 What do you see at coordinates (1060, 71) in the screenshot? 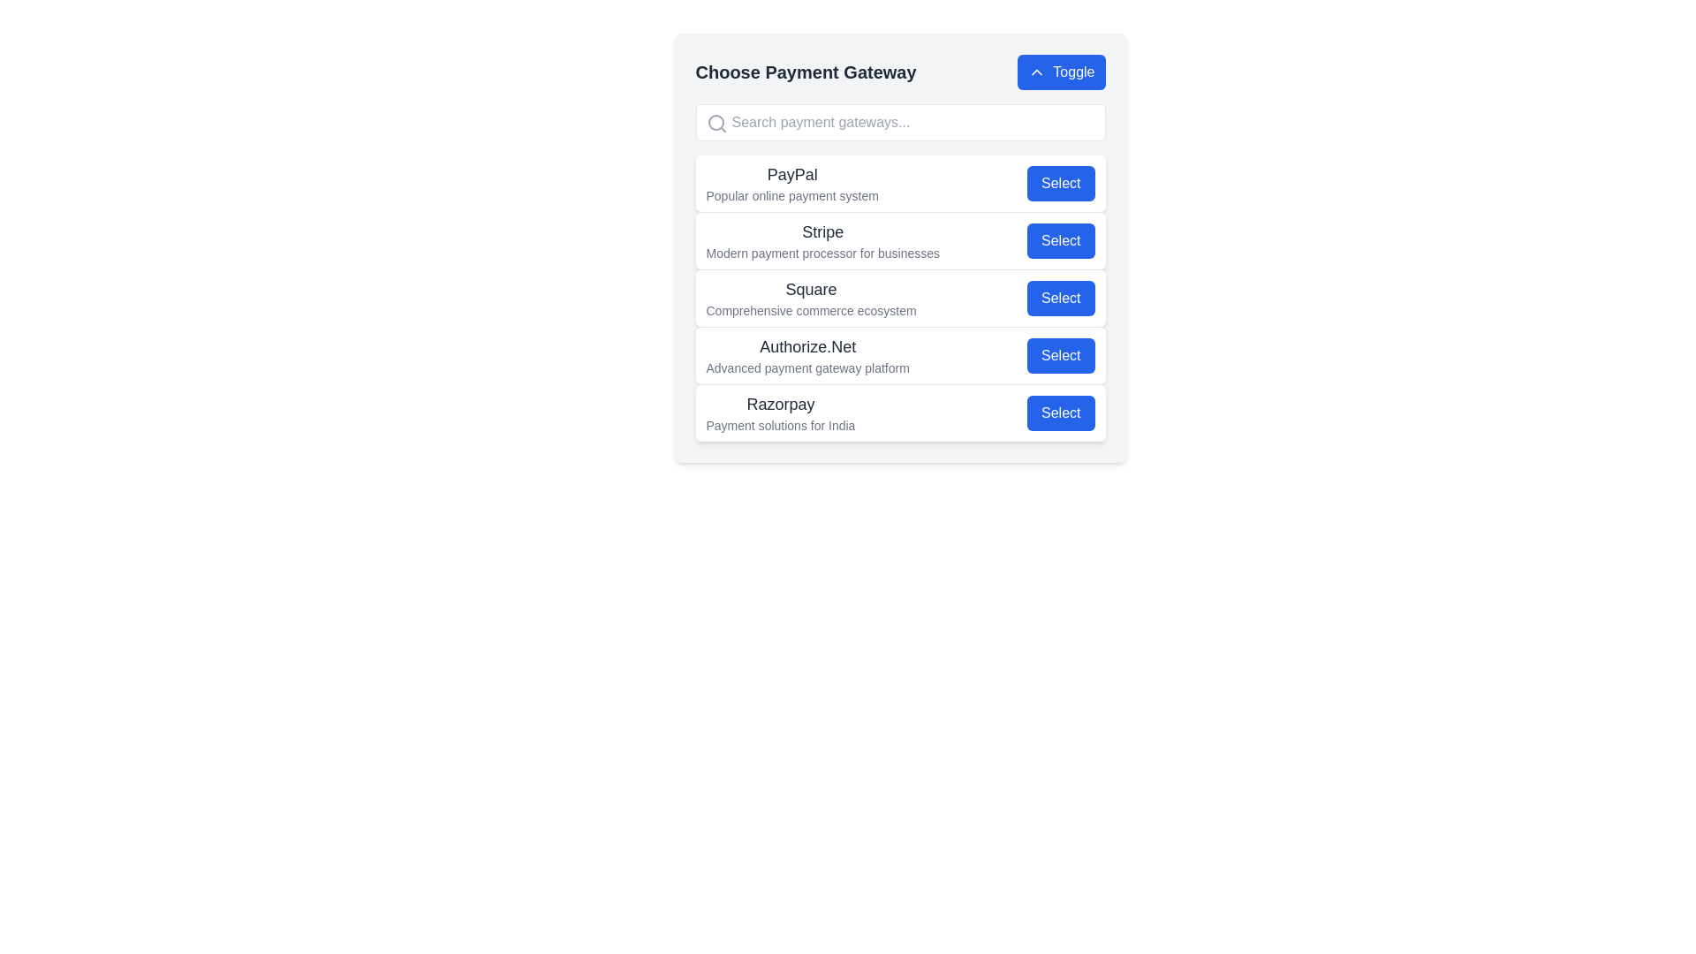
I see `the 'Toggle' button, which is a rectangular button with a blue background and white text, located to the right of the header 'Choose Payment Gateway'` at bounding box center [1060, 71].